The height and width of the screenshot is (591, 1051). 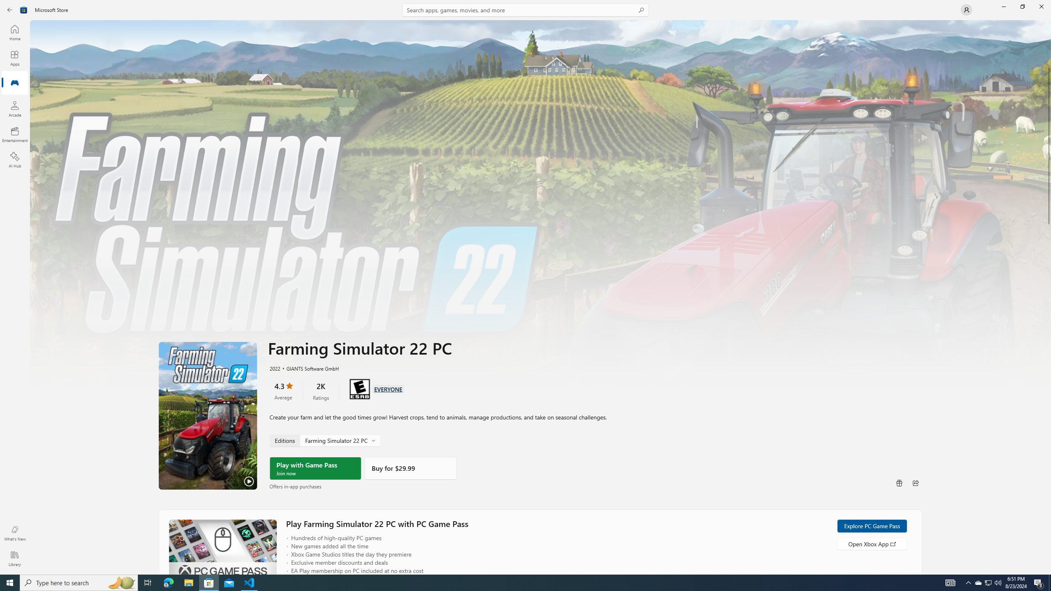 I want to click on 'Buy', so click(x=410, y=468).